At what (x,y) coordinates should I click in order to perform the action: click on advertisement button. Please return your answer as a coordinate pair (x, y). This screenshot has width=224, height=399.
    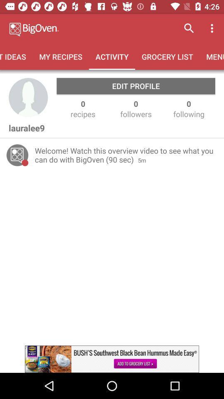
    Looking at the image, I should click on (112, 359).